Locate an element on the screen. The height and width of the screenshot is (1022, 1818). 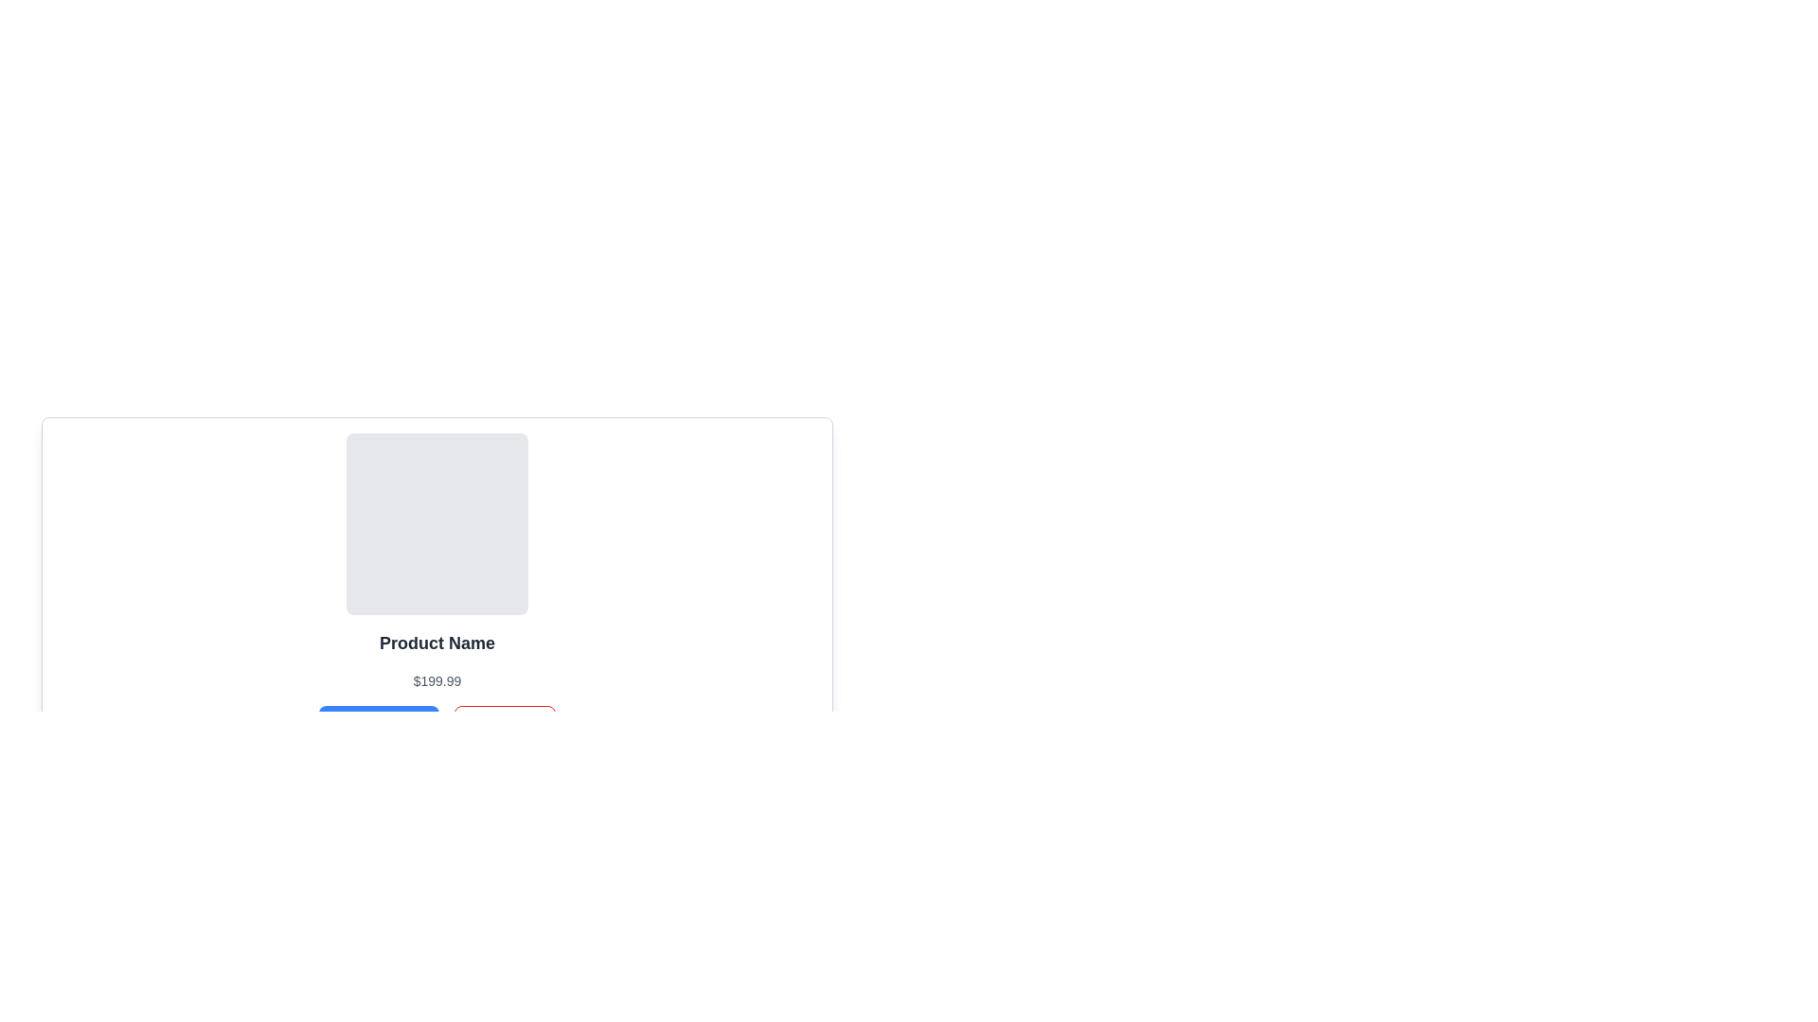
the button located at the center-bottom of the interface is located at coordinates (379, 723).